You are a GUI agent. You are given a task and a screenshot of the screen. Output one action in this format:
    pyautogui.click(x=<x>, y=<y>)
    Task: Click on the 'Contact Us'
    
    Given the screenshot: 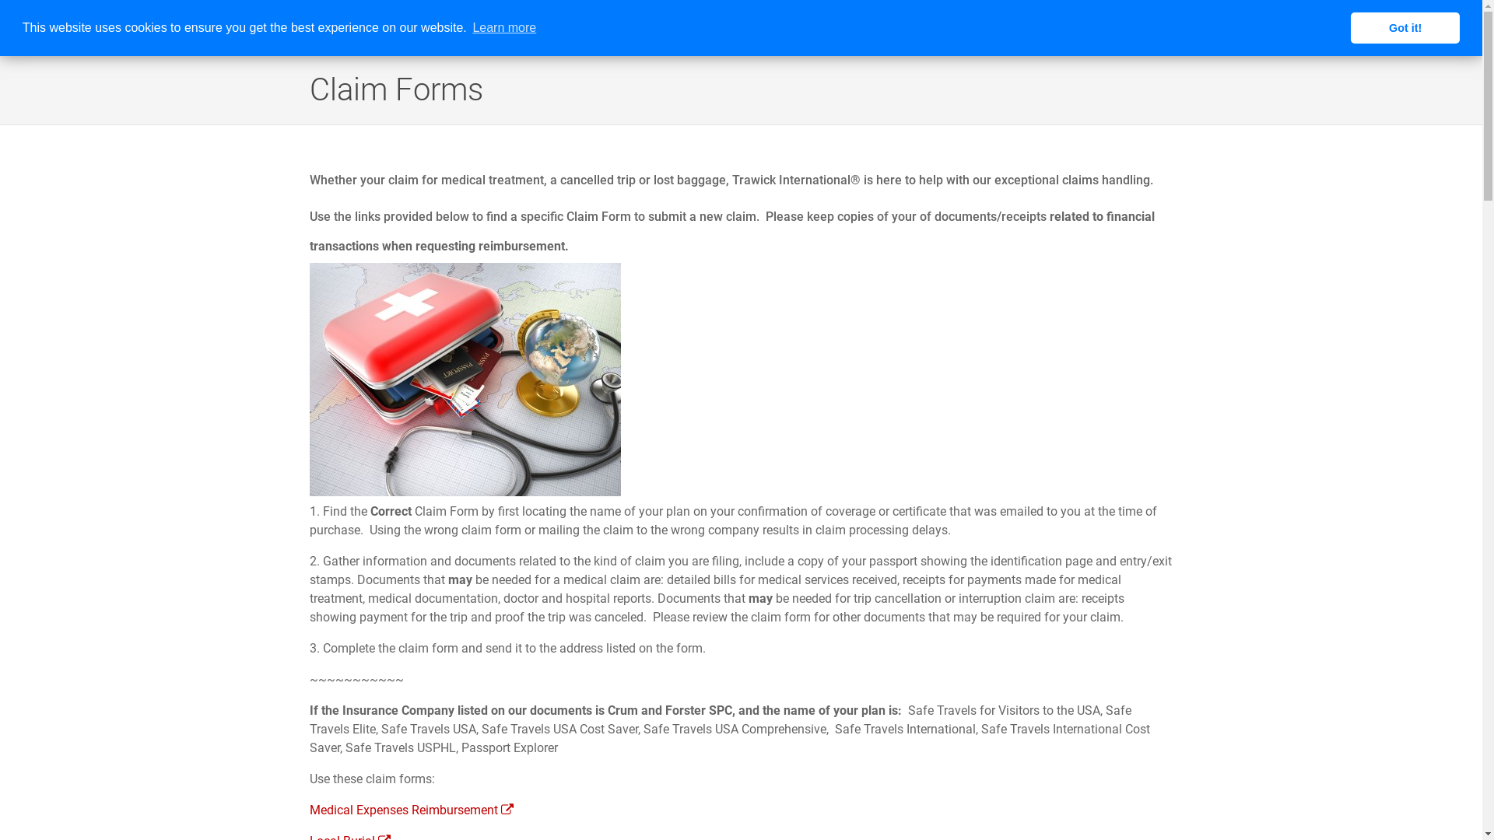 What is the action you would take?
    pyautogui.click(x=1401, y=27)
    